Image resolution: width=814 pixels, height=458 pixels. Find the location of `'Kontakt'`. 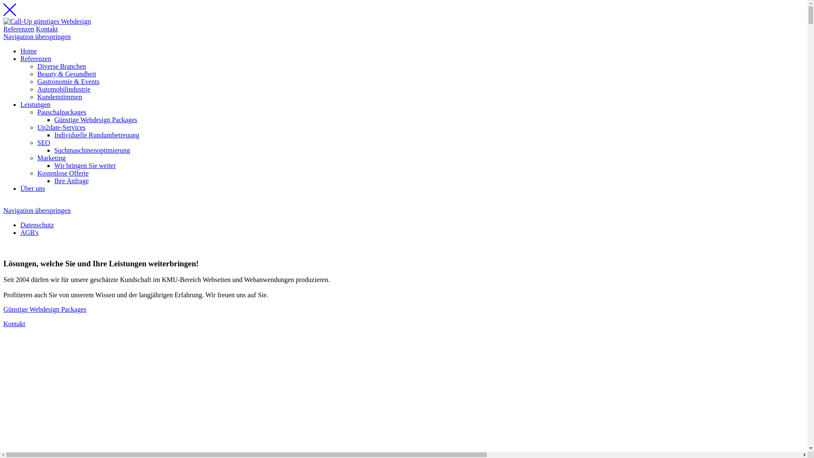

'Kontakt' is located at coordinates (14, 324).